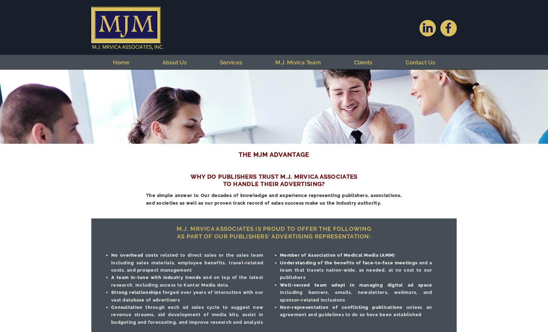 The width and height of the screenshot is (548, 332). I want to click on 'Strong  relationships', so click(136, 292).